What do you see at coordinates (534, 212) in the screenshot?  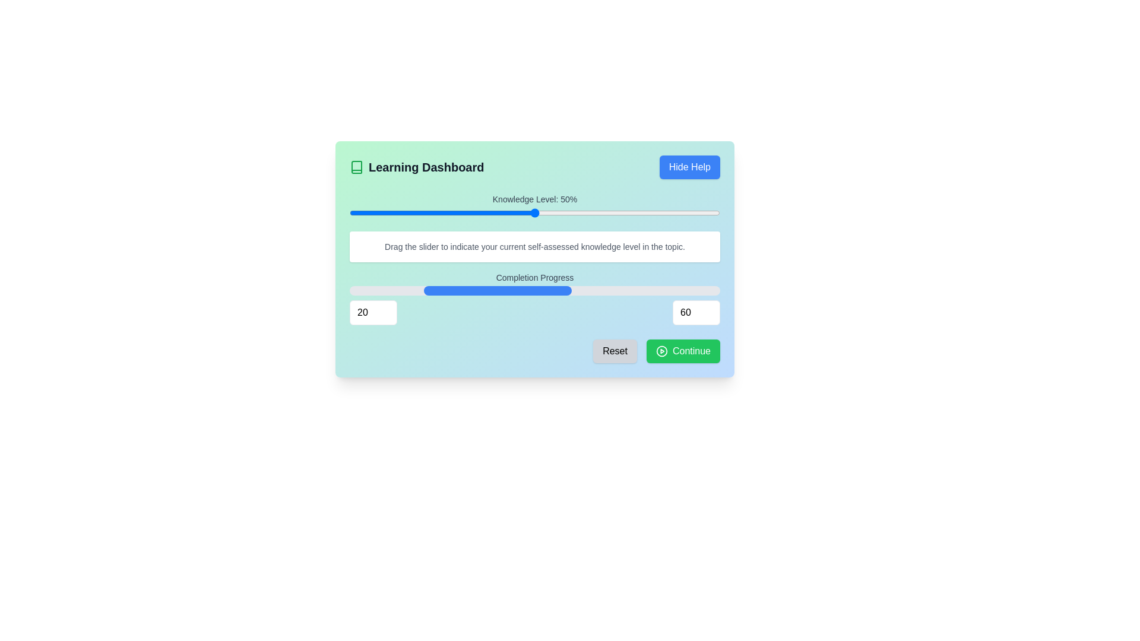 I see `the horizontally-oriented slider bar with a rounded handle that represents a current value of 50%` at bounding box center [534, 212].